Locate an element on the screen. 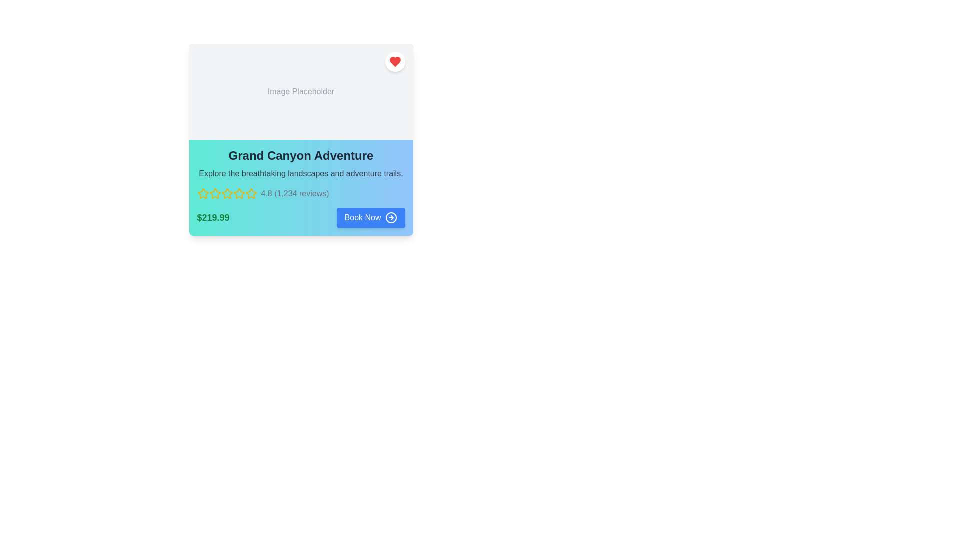 The height and width of the screenshot is (540, 960). rating value displayed in the Text Label located to the right of the five star icons at the bottom section of the card-like interface is located at coordinates (294, 194).